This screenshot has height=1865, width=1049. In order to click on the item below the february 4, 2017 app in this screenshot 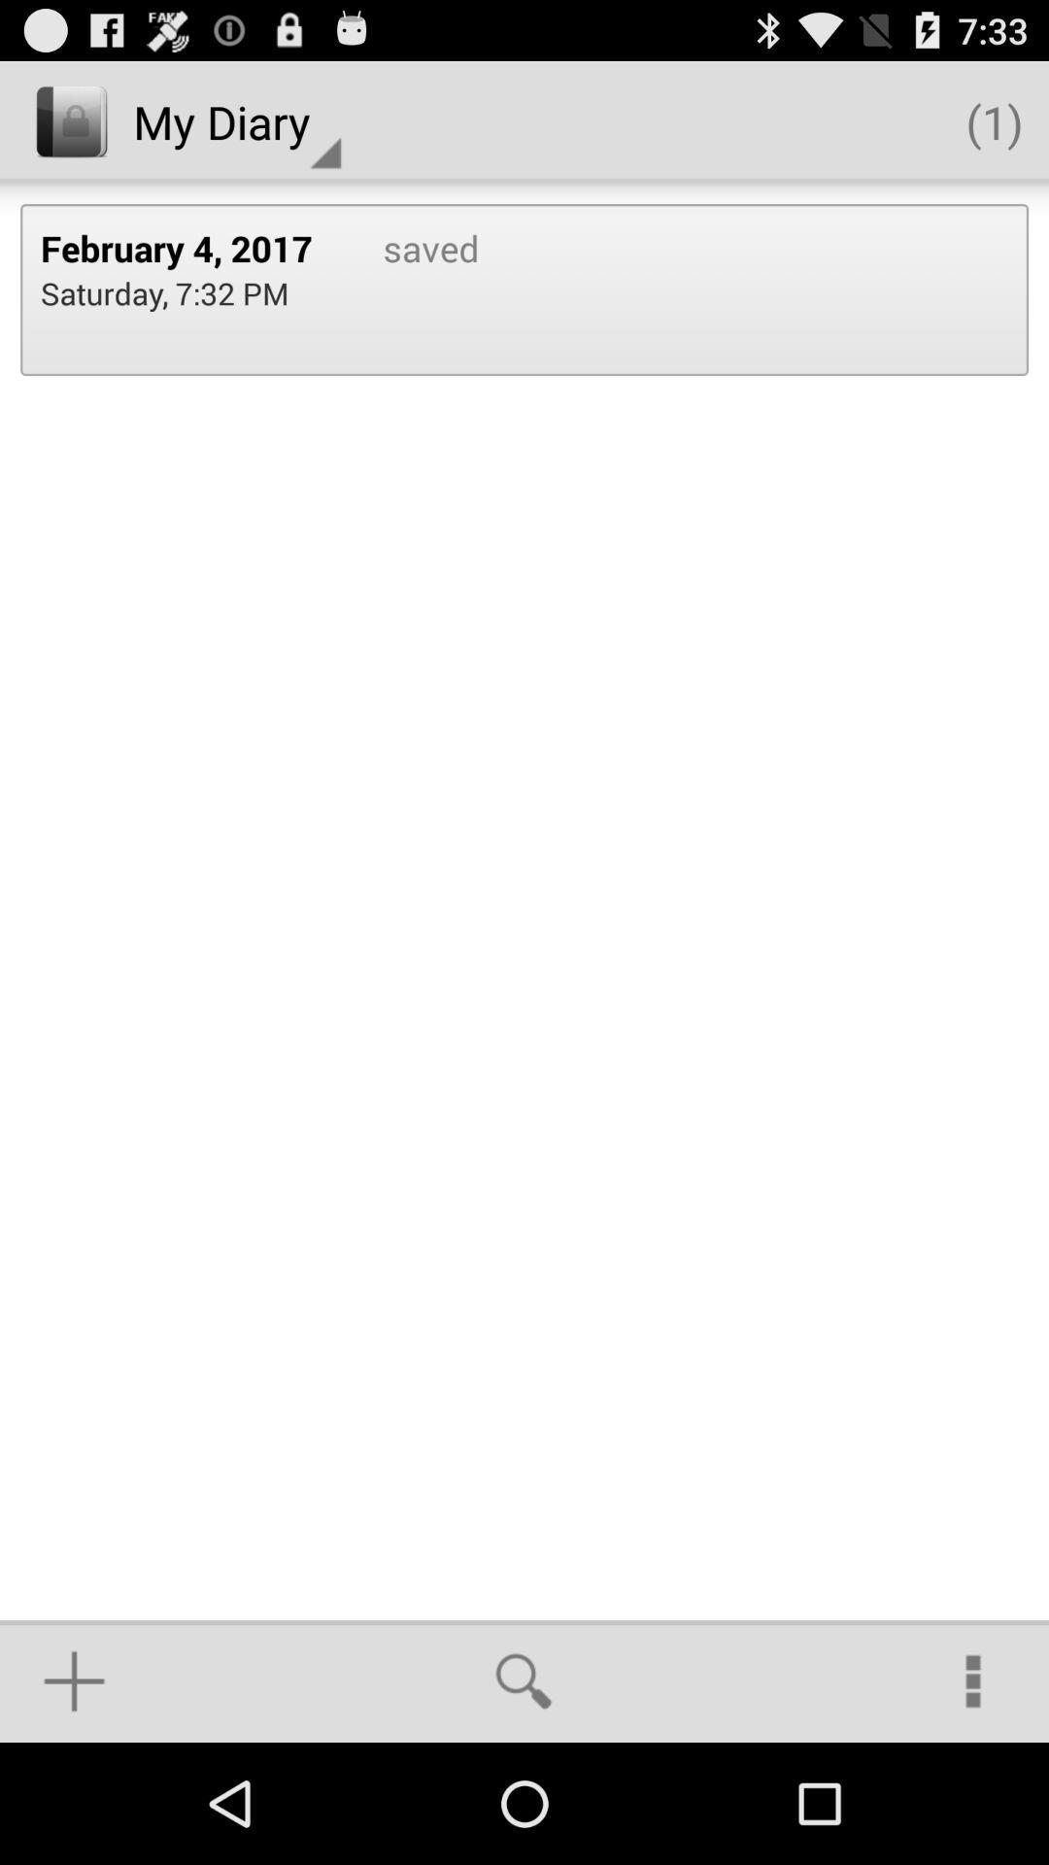, I will do `click(163, 291)`.